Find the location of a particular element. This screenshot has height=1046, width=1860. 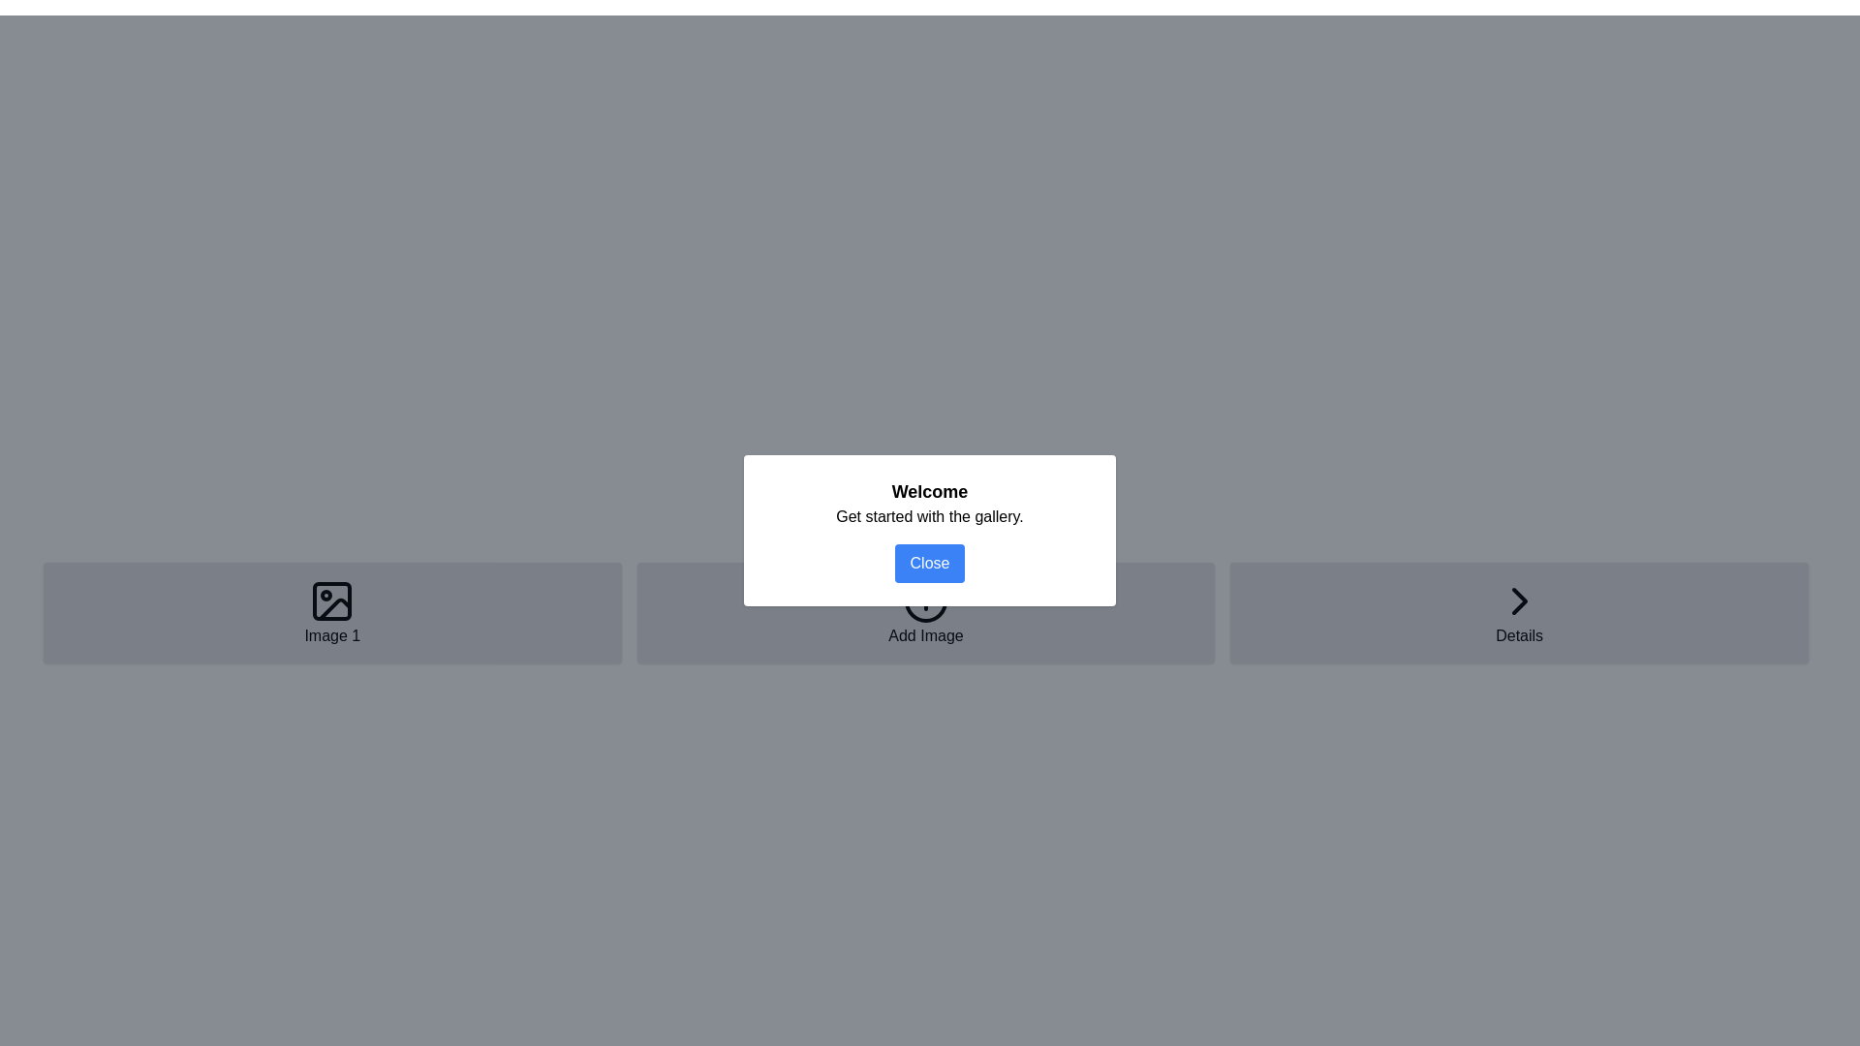

the circular icon with a plus symbol (+) inside it, located within the 'Add Image' modal, positioned near the bottom just below the blue 'Close' button is located at coordinates (924, 600).